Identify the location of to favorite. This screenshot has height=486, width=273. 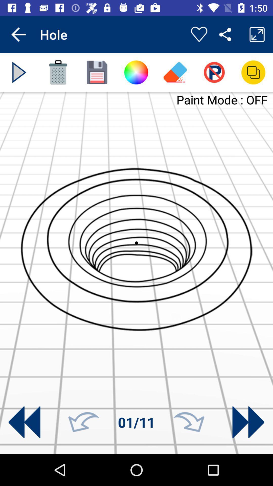
(199, 34).